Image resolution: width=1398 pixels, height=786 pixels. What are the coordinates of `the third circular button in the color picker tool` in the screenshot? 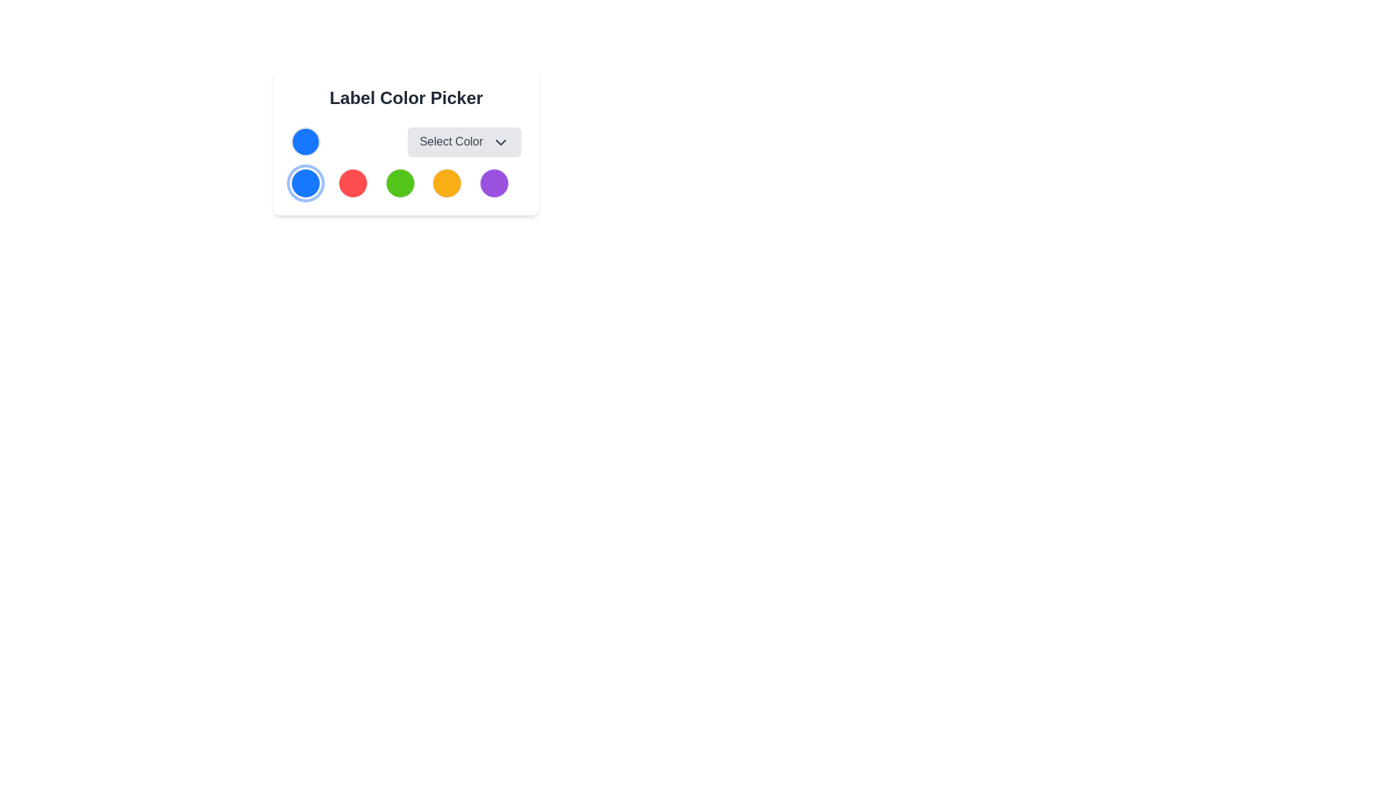 It's located at (406, 181).